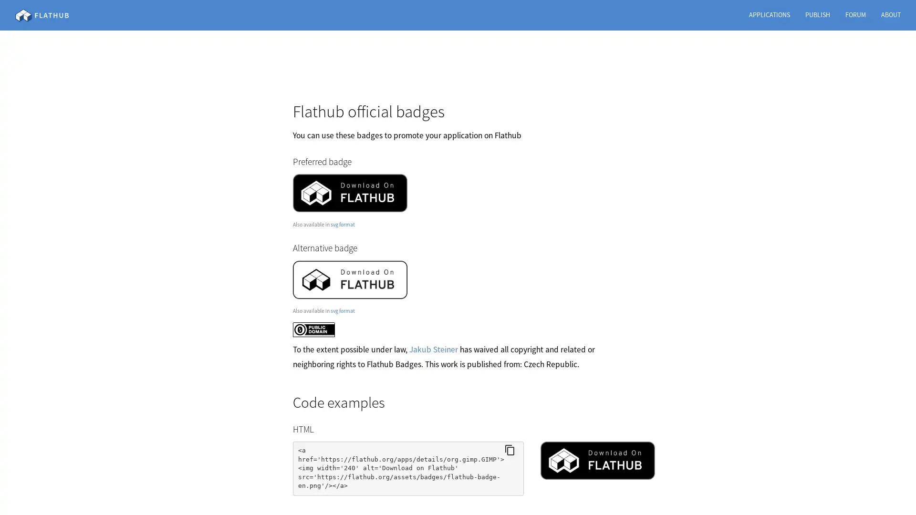 Image resolution: width=916 pixels, height=515 pixels. What do you see at coordinates (890, 15) in the screenshot?
I see `ABOUT` at bounding box center [890, 15].